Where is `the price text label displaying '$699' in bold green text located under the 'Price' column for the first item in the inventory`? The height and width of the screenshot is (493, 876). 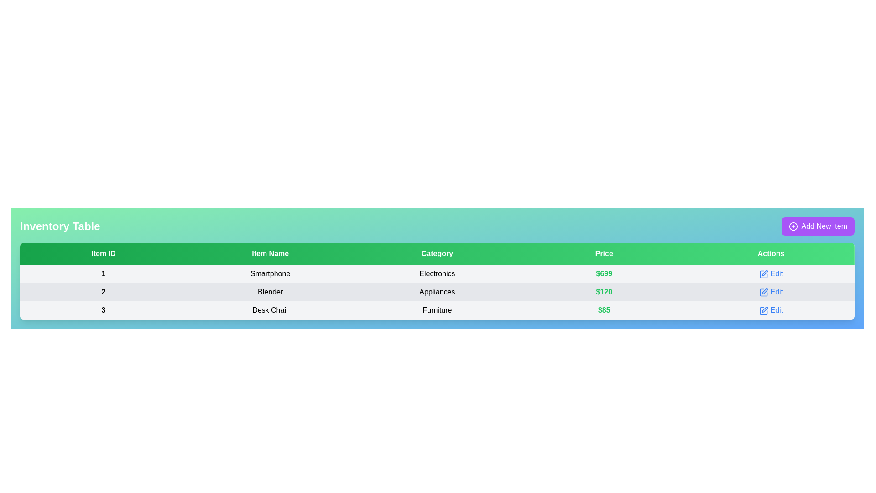
the price text label displaying '$699' in bold green text located under the 'Price' column for the first item in the inventory is located at coordinates (604, 273).